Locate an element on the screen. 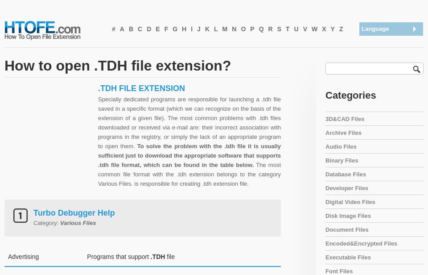 The width and height of the screenshot is (428, 275). 'Specially dedicated programs are responsible for launching a .tdh file saved in a specific format (which we can recognize on the basis of the extension of a given file). The most common problems with .tdh files downloaded or received via e-mail are: their incorrect association with programs in the registry, or simply the lack of an appropriate program to open them.' is located at coordinates (189, 122).